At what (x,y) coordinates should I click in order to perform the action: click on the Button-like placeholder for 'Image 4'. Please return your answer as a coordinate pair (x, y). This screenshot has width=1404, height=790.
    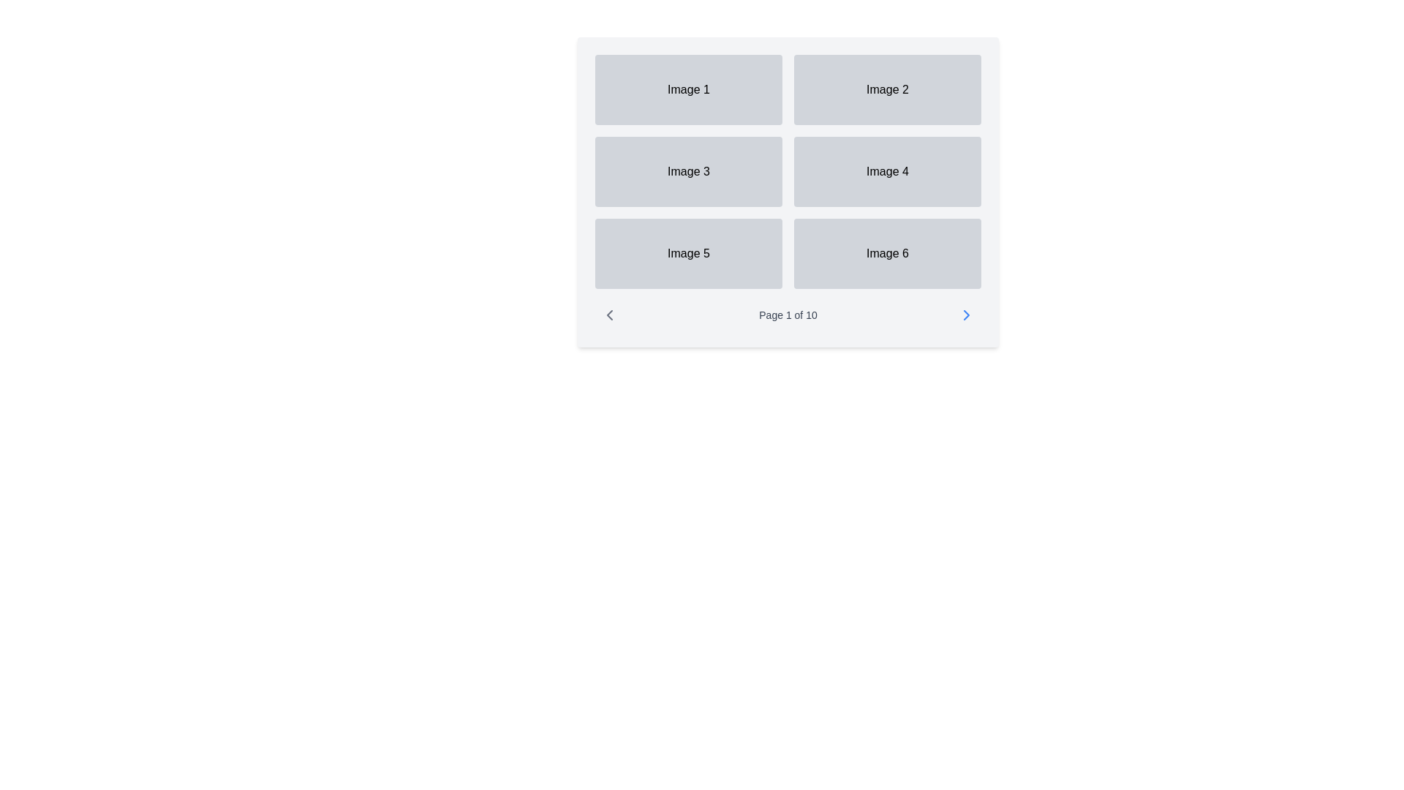
    Looking at the image, I should click on (887, 171).